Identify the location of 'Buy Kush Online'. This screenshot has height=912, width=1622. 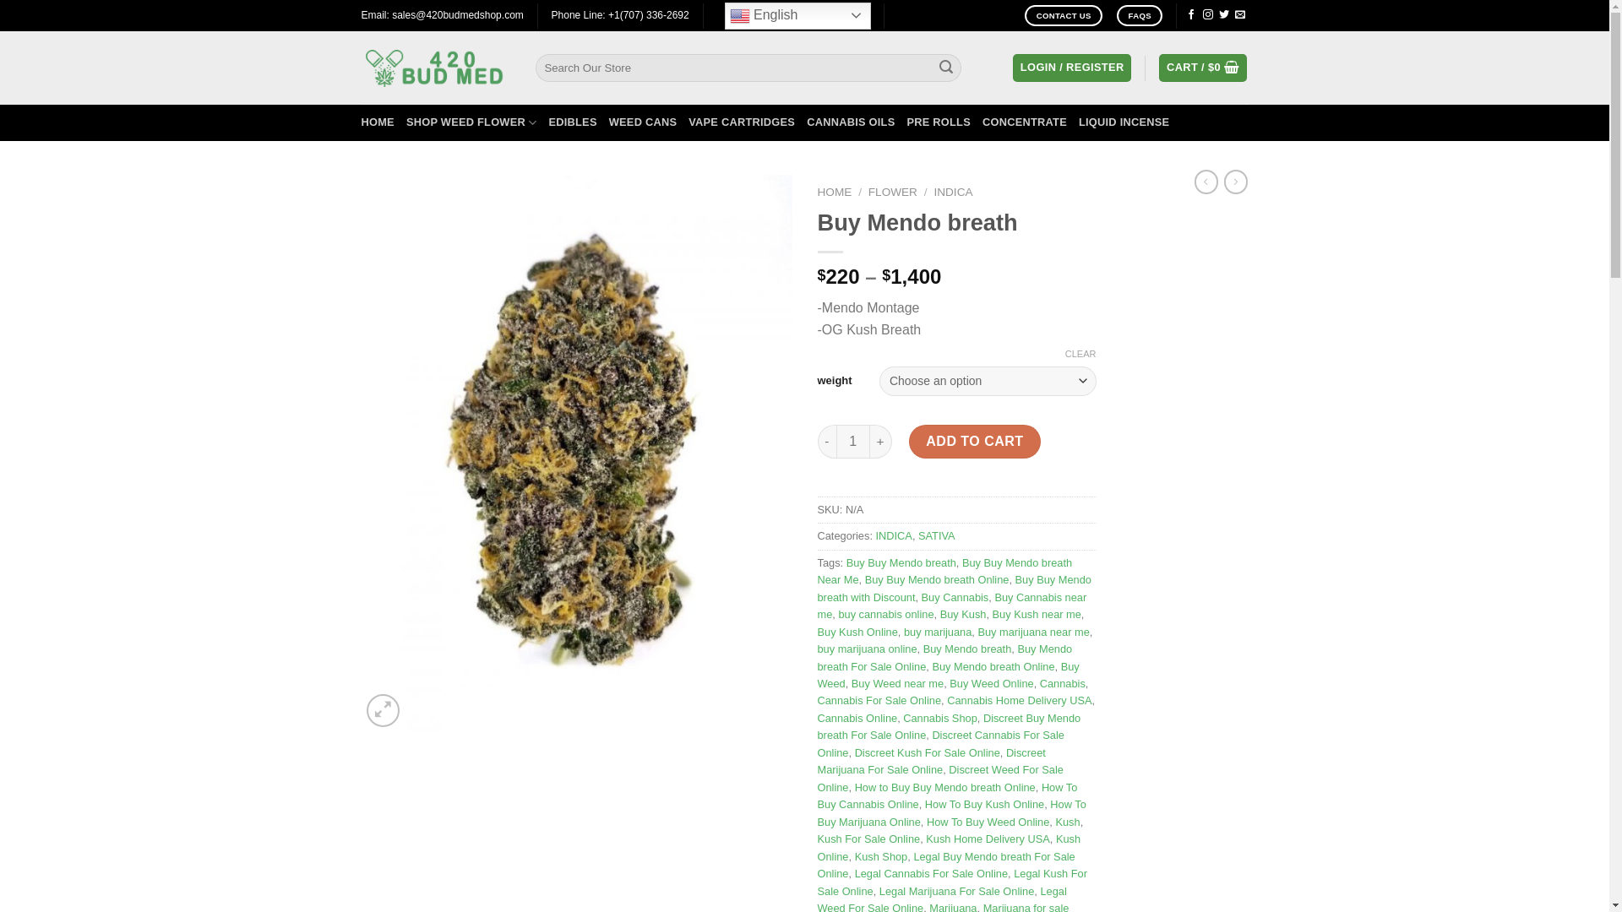
(818, 632).